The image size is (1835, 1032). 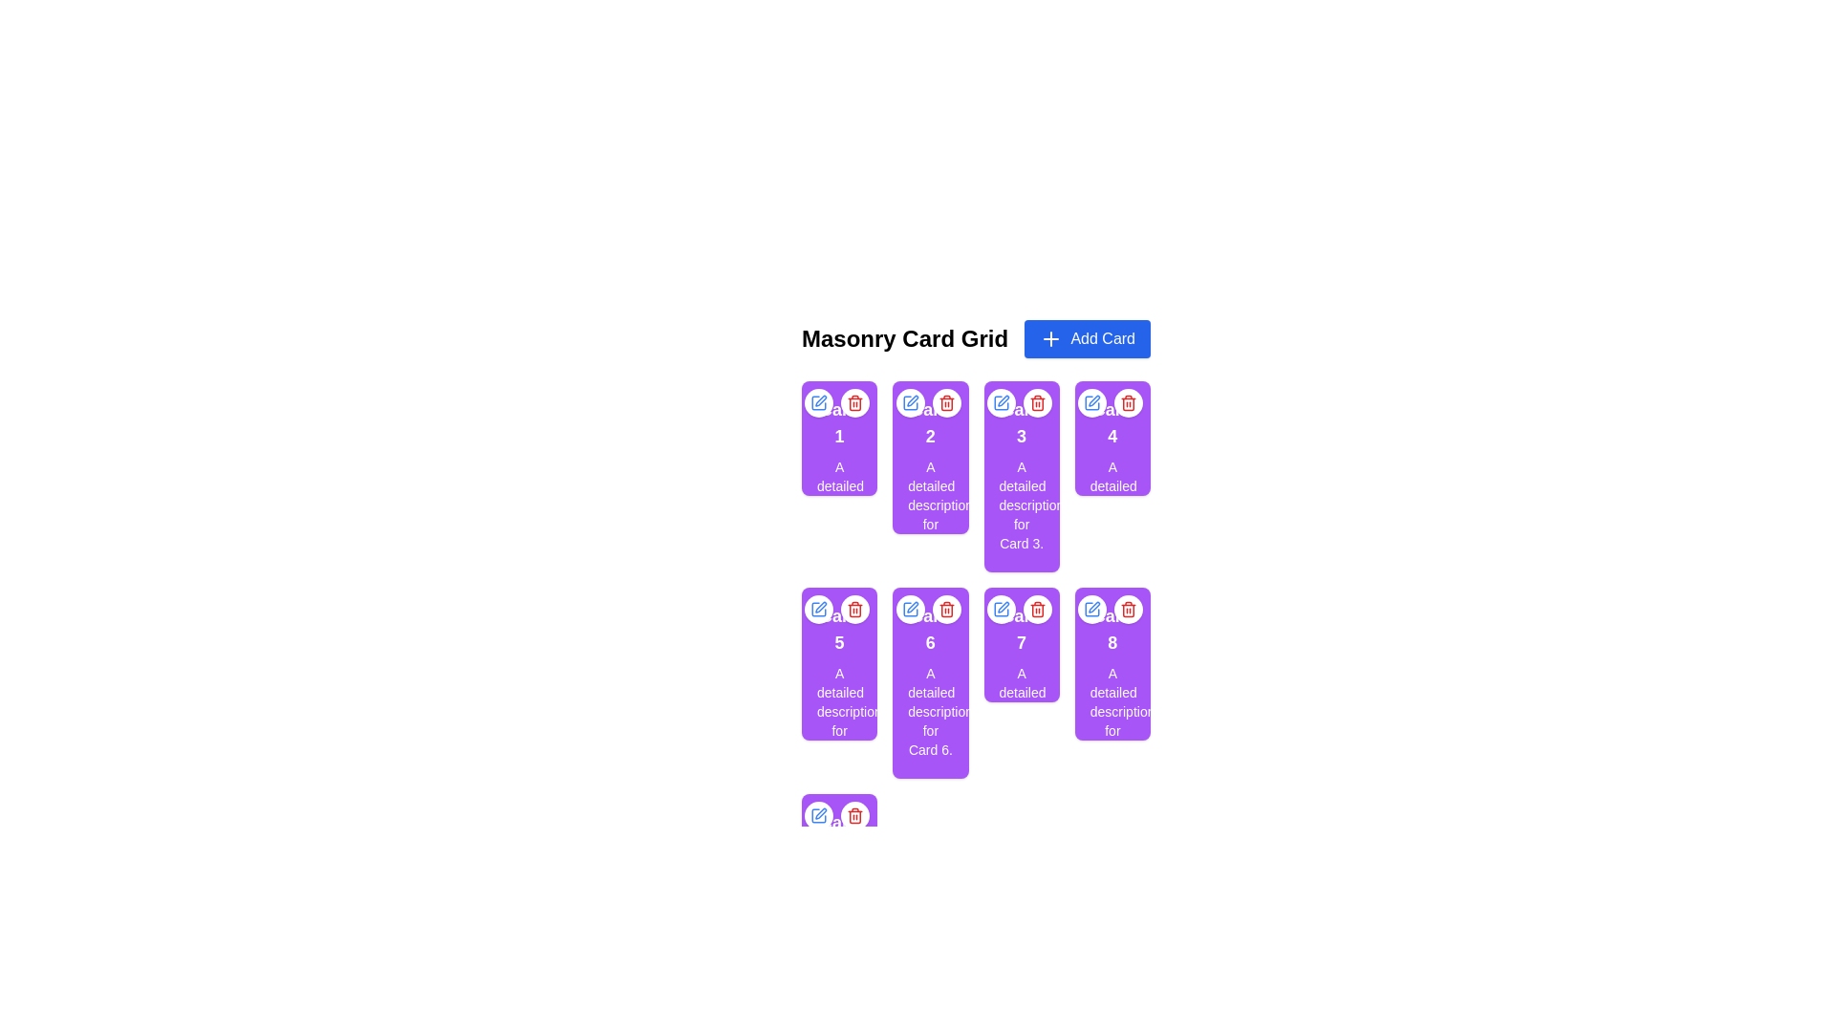 What do you see at coordinates (911, 399) in the screenshot?
I see `the edit icon button, which resembles a pen and is located in the second card of the grid layout` at bounding box center [911, 399].